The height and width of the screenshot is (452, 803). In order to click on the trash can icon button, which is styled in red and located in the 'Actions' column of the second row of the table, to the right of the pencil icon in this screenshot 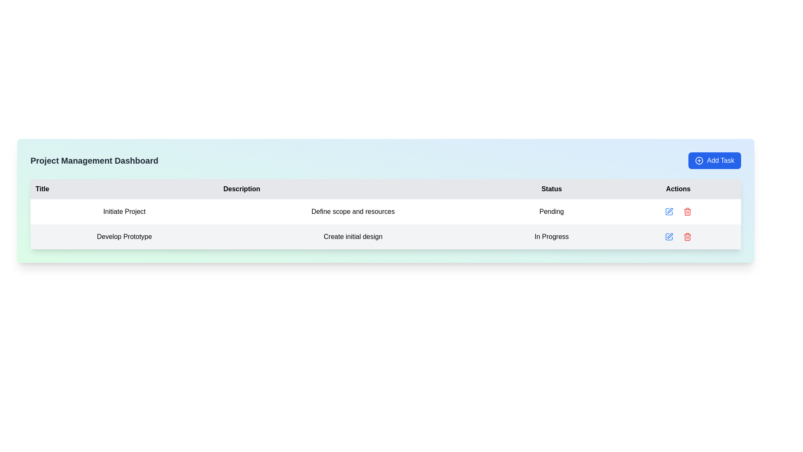, I will do `click(687, 211)`.